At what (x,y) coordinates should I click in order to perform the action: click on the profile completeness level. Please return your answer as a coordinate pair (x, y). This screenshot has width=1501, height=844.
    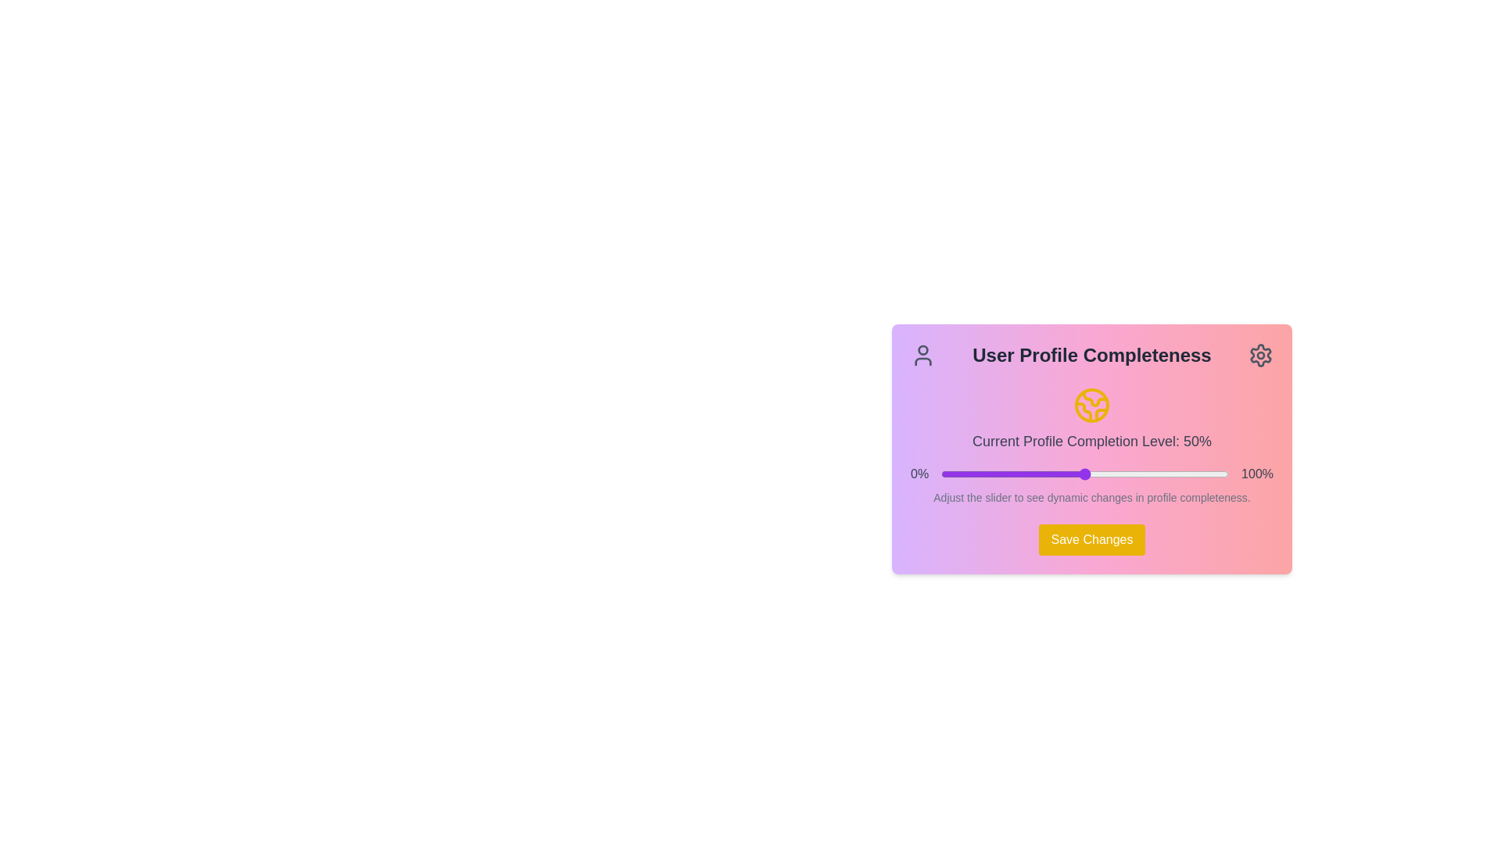
    Looking at the image, I should click on (1145, 473).